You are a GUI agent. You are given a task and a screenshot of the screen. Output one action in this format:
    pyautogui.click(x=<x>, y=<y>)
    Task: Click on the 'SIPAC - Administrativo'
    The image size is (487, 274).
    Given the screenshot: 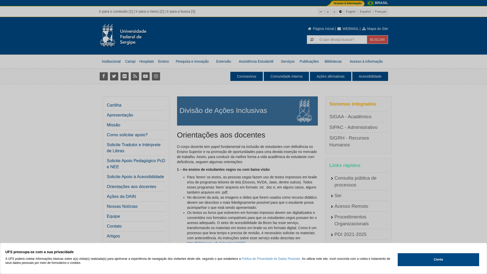 What is the action you would take?
    pyautogui.click(x=329, y=127)
    